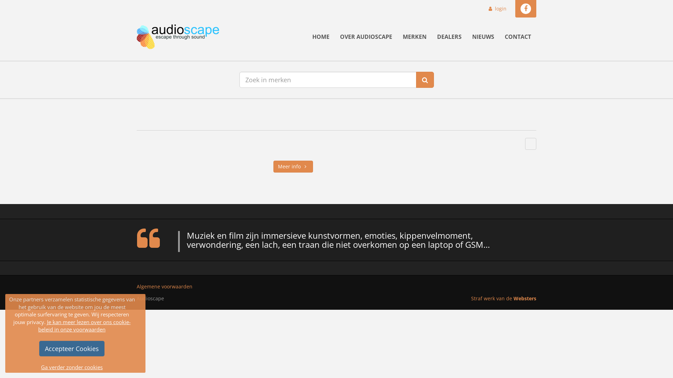  Describe the element at coordinates (471, 298) in the screenshot. I see `'Straf werk van de Websters'` at that location.